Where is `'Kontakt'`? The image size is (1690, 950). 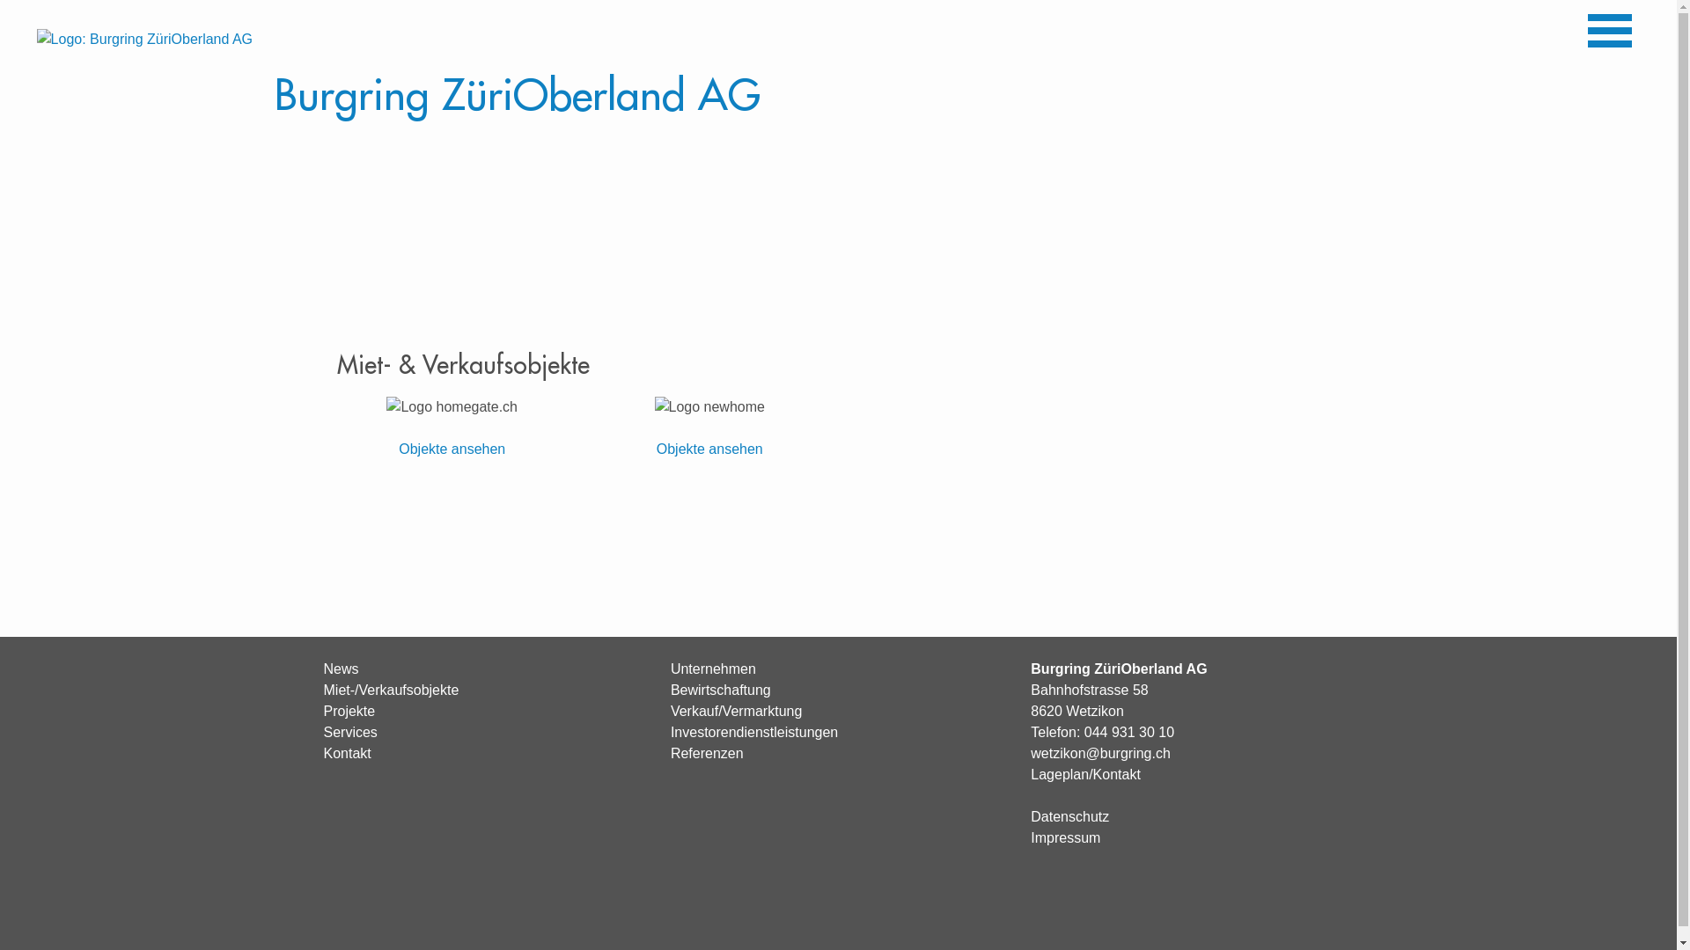
'Kontakt' is located at coordinates (347, 752).